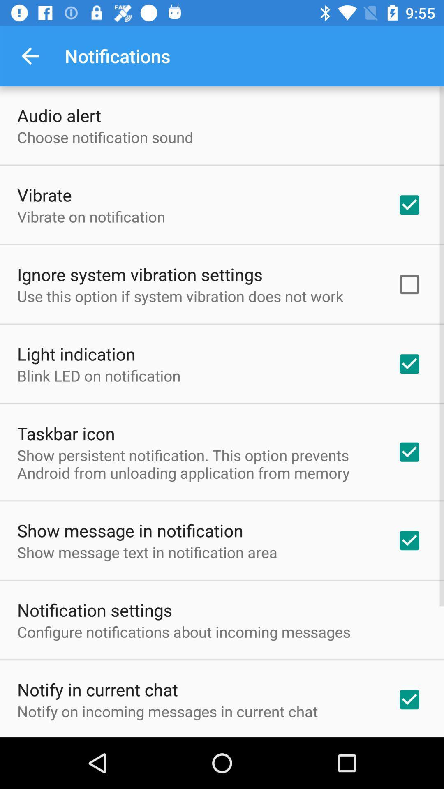 The width and height of the screenshot is (444, 789). What do you see at coordinates (30, 55) in the screenshot?
I see `item next to the notifications` at bounding box center [30, 55].